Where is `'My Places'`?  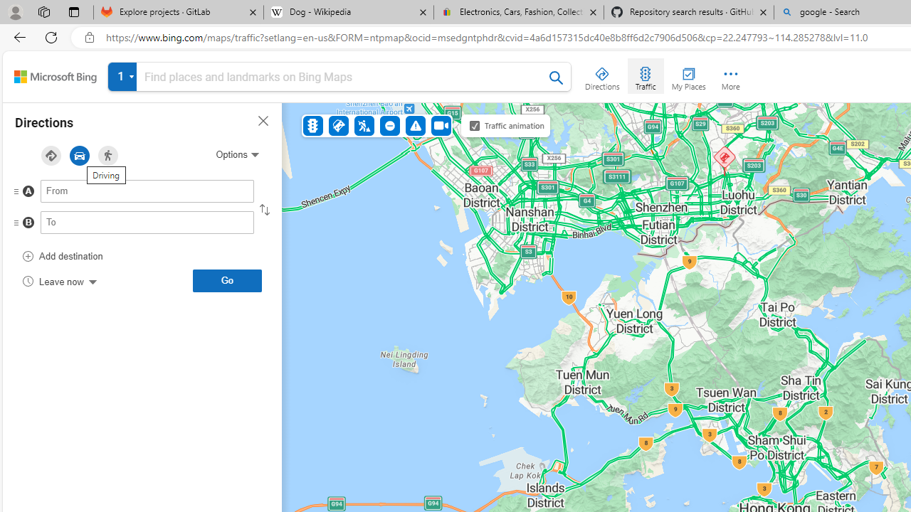 'My Places' is located at coordinates (688, 75).